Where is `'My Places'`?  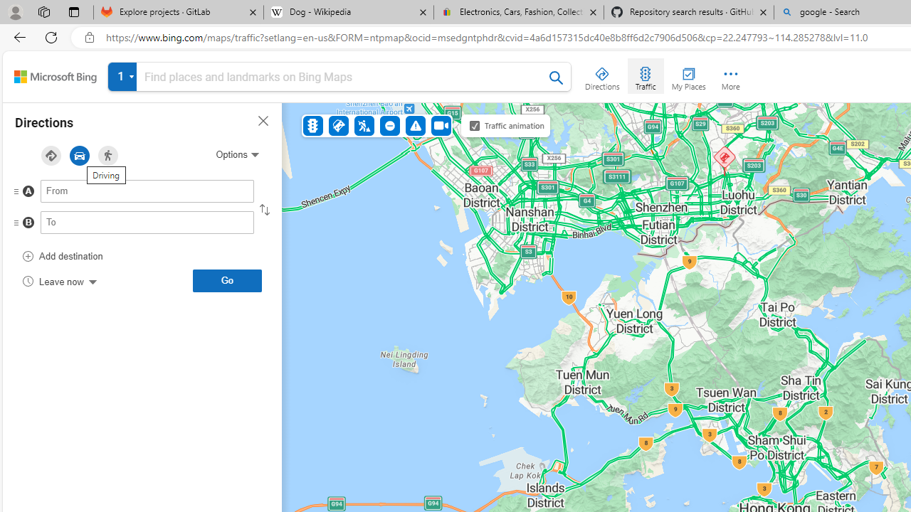 'My Places' is located at coordinates (688, 75).